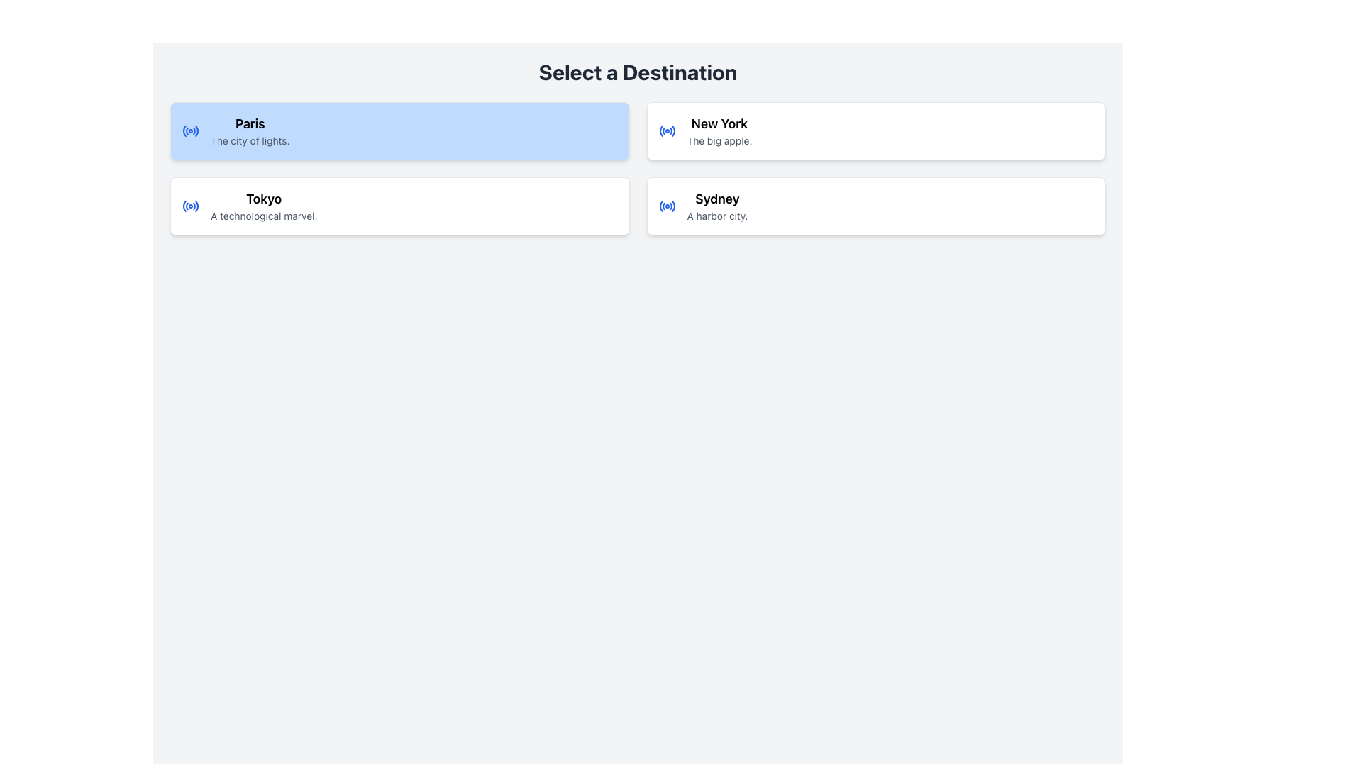  What do you see at coordinates (250, 123) in the screenshot?
I see `the text label displaying 'Paris', which is styled in a larger, bold font on a blue background, located in the left column of selectable city options` at bounding box center [250, 123].